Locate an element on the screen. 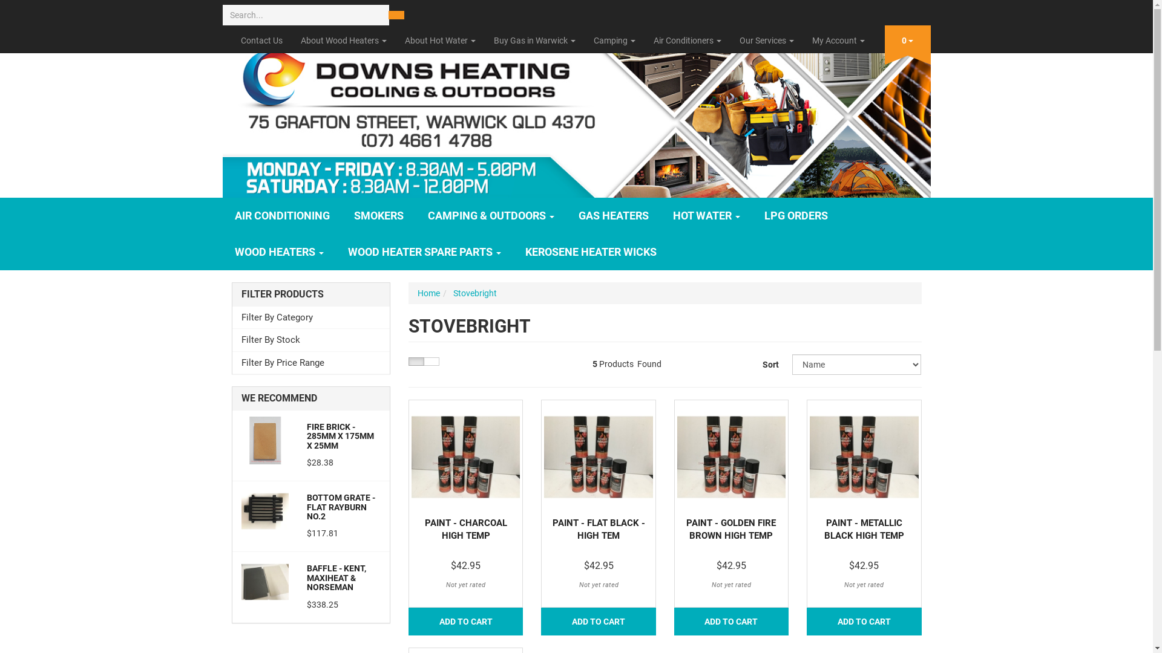  'Bottom Grate - Flat Rayburn No.2' is located at coordinates (264, 510).